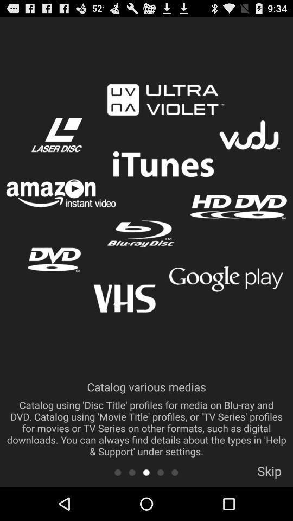  Describe the element at coordinates (269, 474) in the screenshot. I see `skip` at that location.